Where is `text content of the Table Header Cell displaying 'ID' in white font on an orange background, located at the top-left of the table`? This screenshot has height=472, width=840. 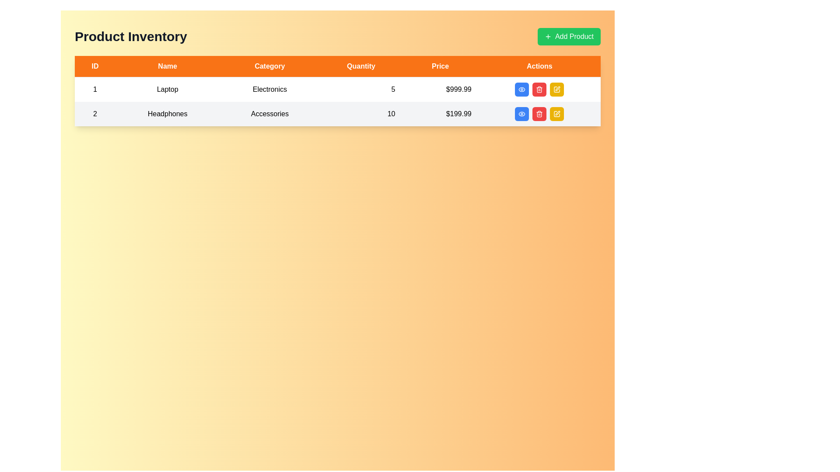
text content of the Table Header Cell displaying 'ID' in white font on an orange background, located at the top-left of the table is located at coordinates (95, 66).